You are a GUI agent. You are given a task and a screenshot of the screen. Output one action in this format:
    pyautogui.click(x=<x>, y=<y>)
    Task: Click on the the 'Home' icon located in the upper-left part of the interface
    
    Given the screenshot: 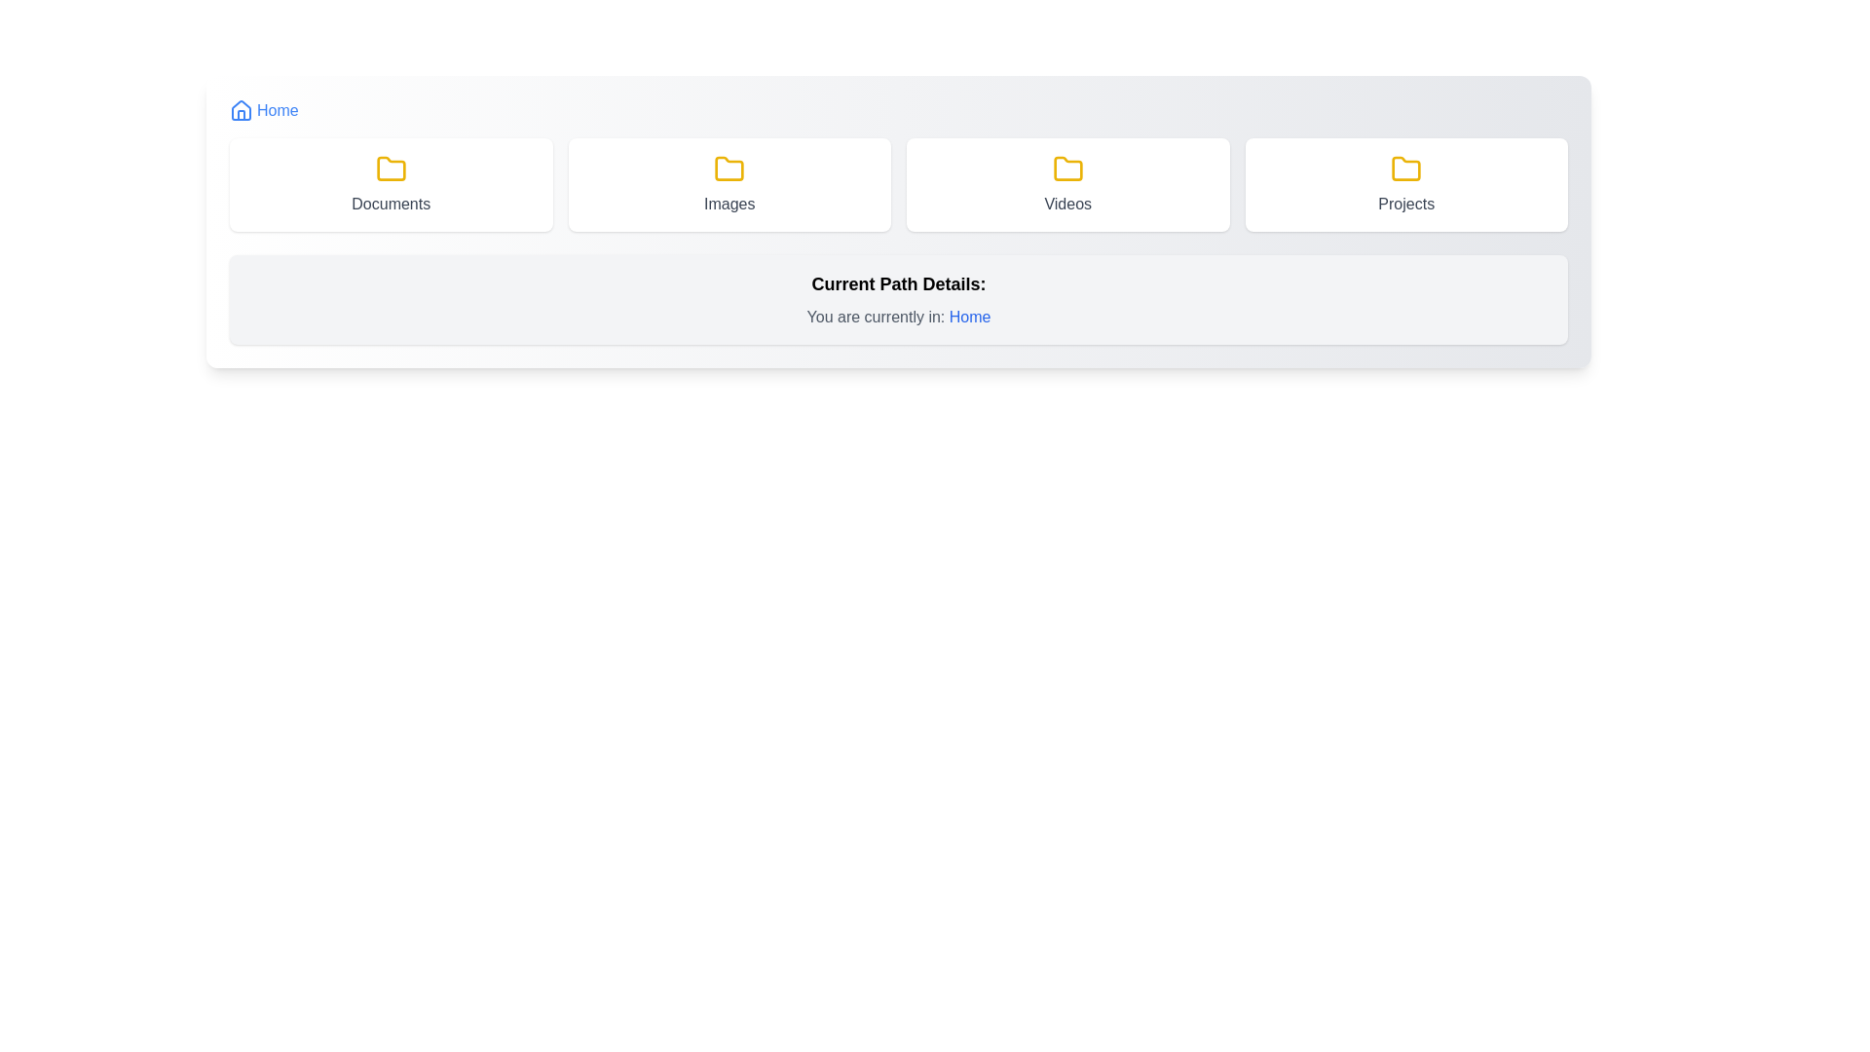 What is the action you would take?
    pyautogui.click(x=241, y=111)
    